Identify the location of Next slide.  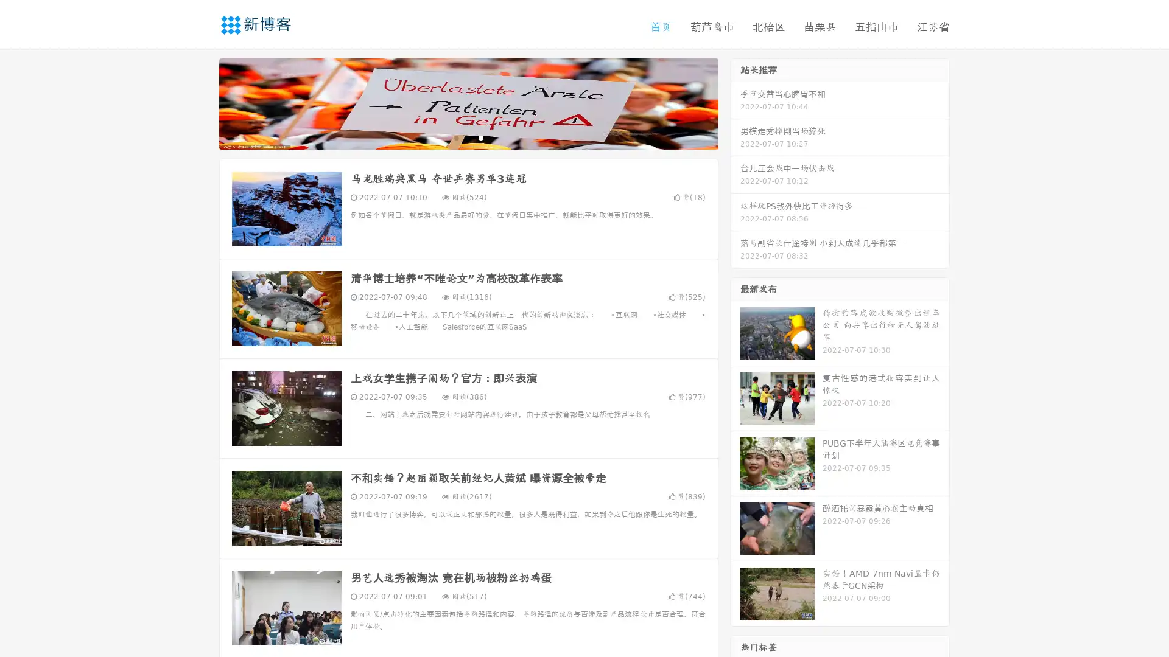
(735, 102).